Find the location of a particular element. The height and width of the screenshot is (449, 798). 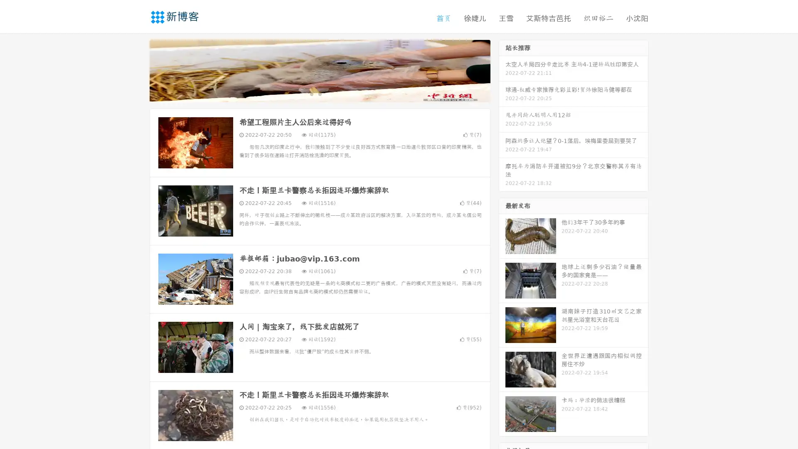

Next slide is located at coordinates (502, 70).